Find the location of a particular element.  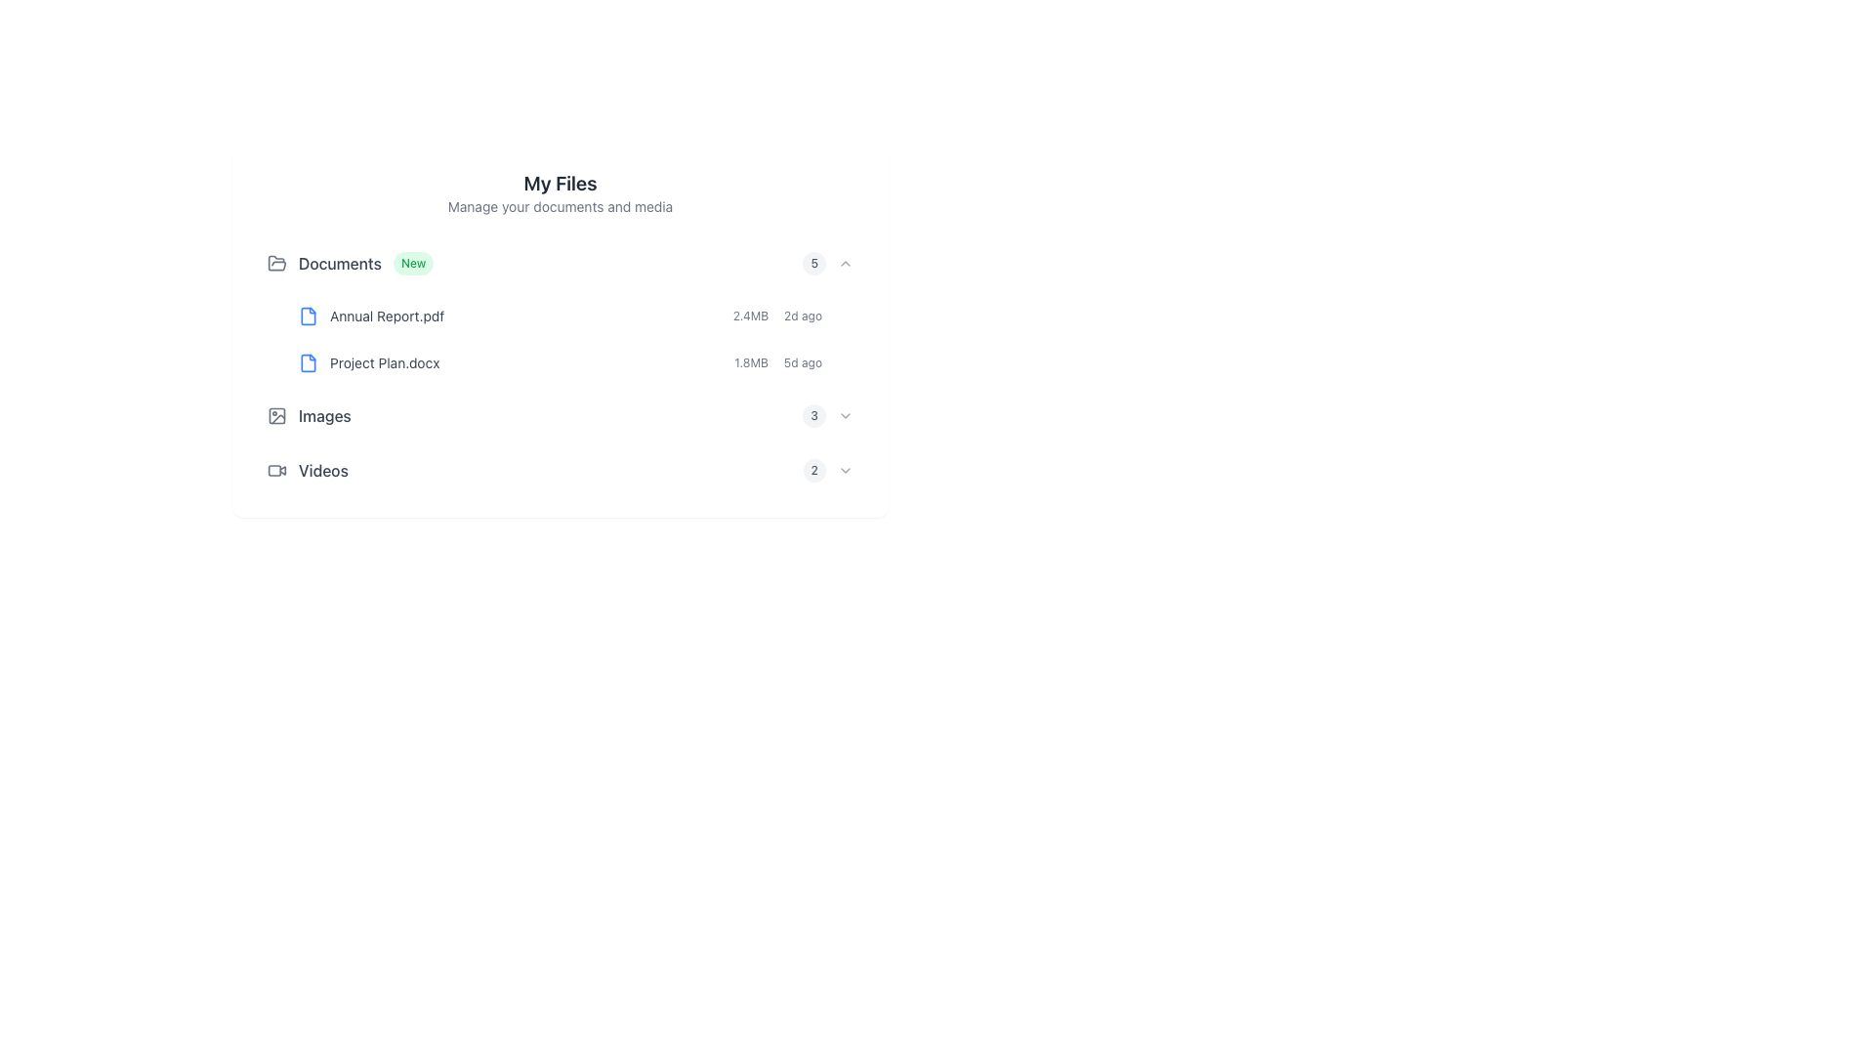

the icon representing the file named 'Annual Report.pdf' located in the 'Documents' section under 'My Files', positioned to the left of the text 'Annual Report.pdf' is located at coordinates (308, 316).